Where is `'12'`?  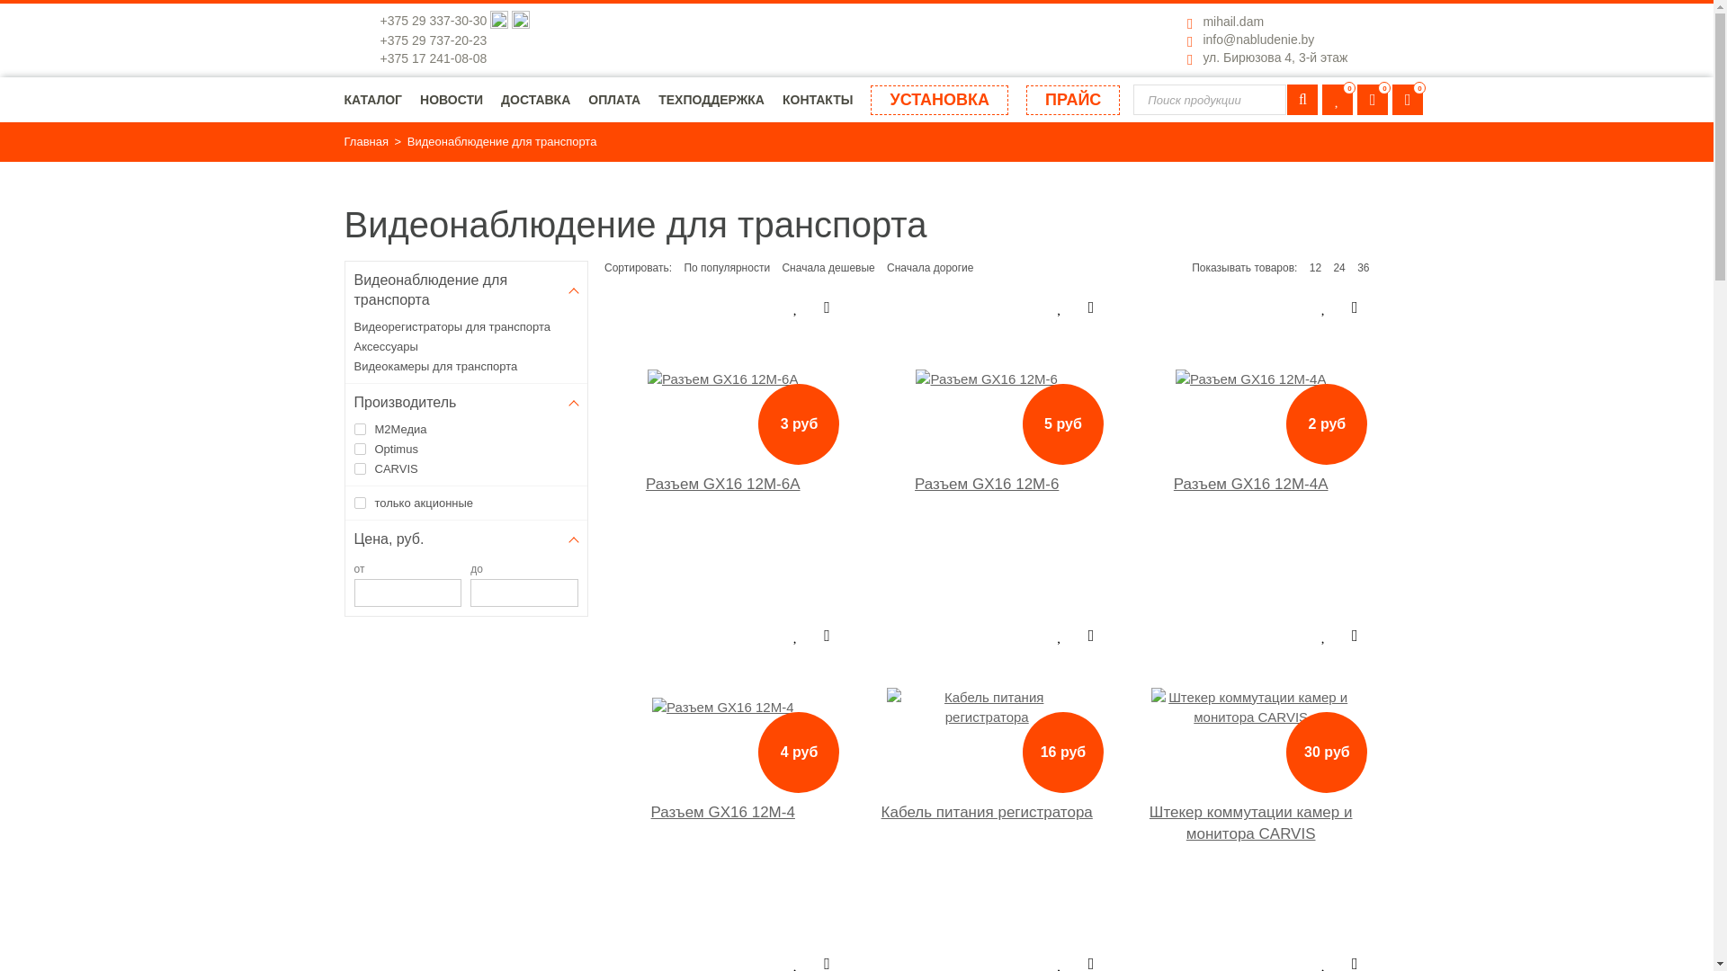 '12' is located at coordinates (1315, 267).